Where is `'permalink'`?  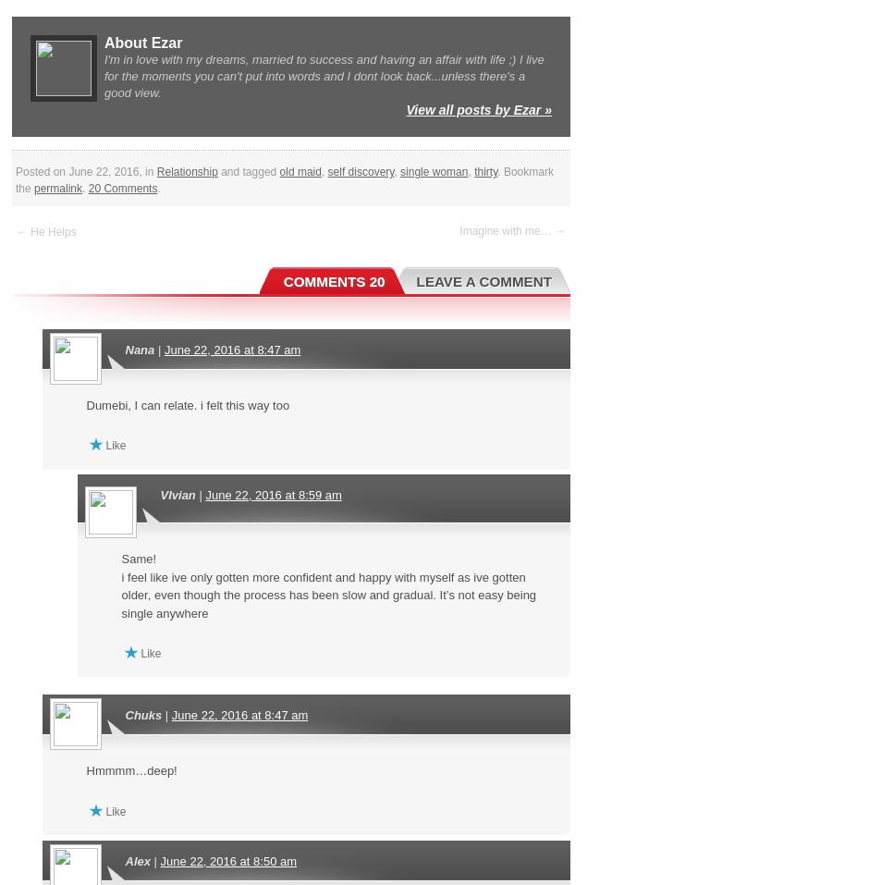
'permalink' is located at coordinates (56, 188).